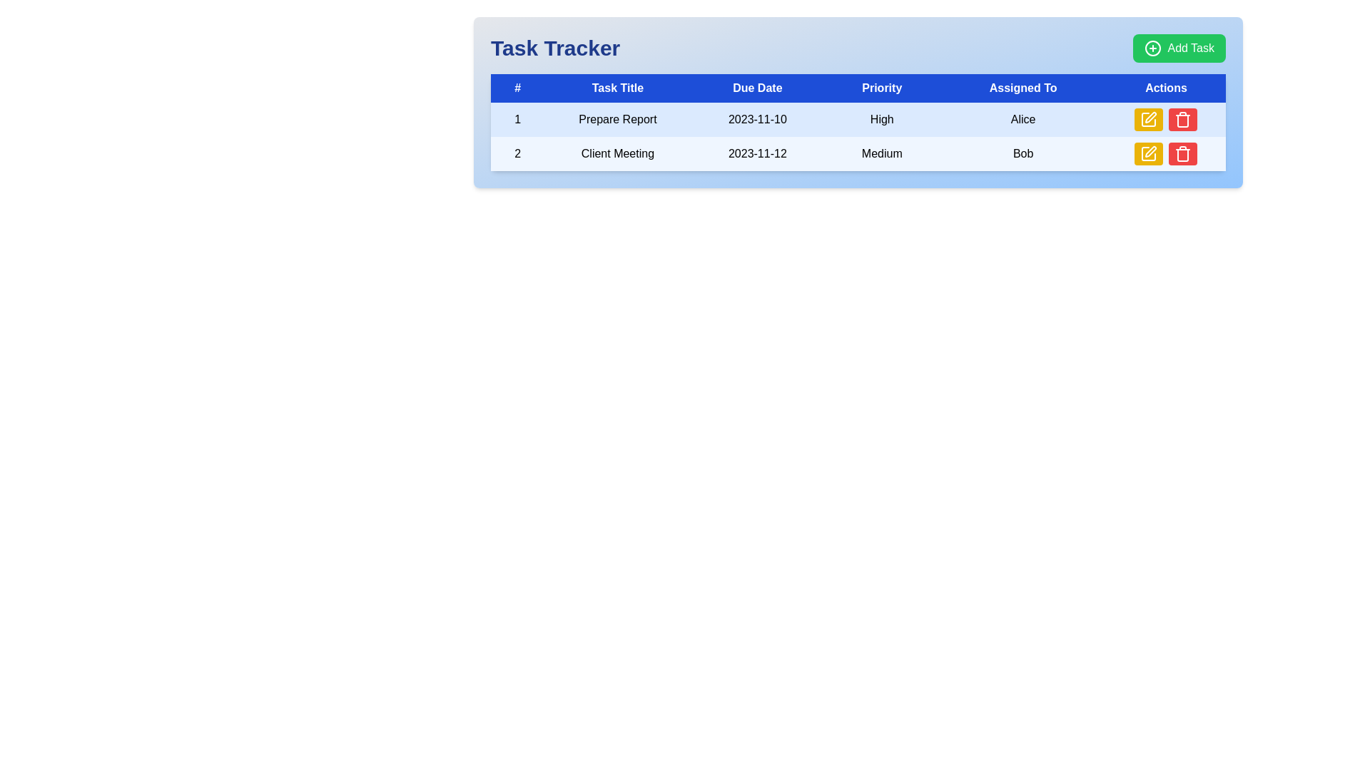 The height and width of the screenshot is (770, 1370). What do you see at coordinates (1153, 48) in the screenshot?
I see `the green circular SVG element with a plus symbol in the center, located to the left of the 'Add Task' button` at bounding box center [1153, 48].